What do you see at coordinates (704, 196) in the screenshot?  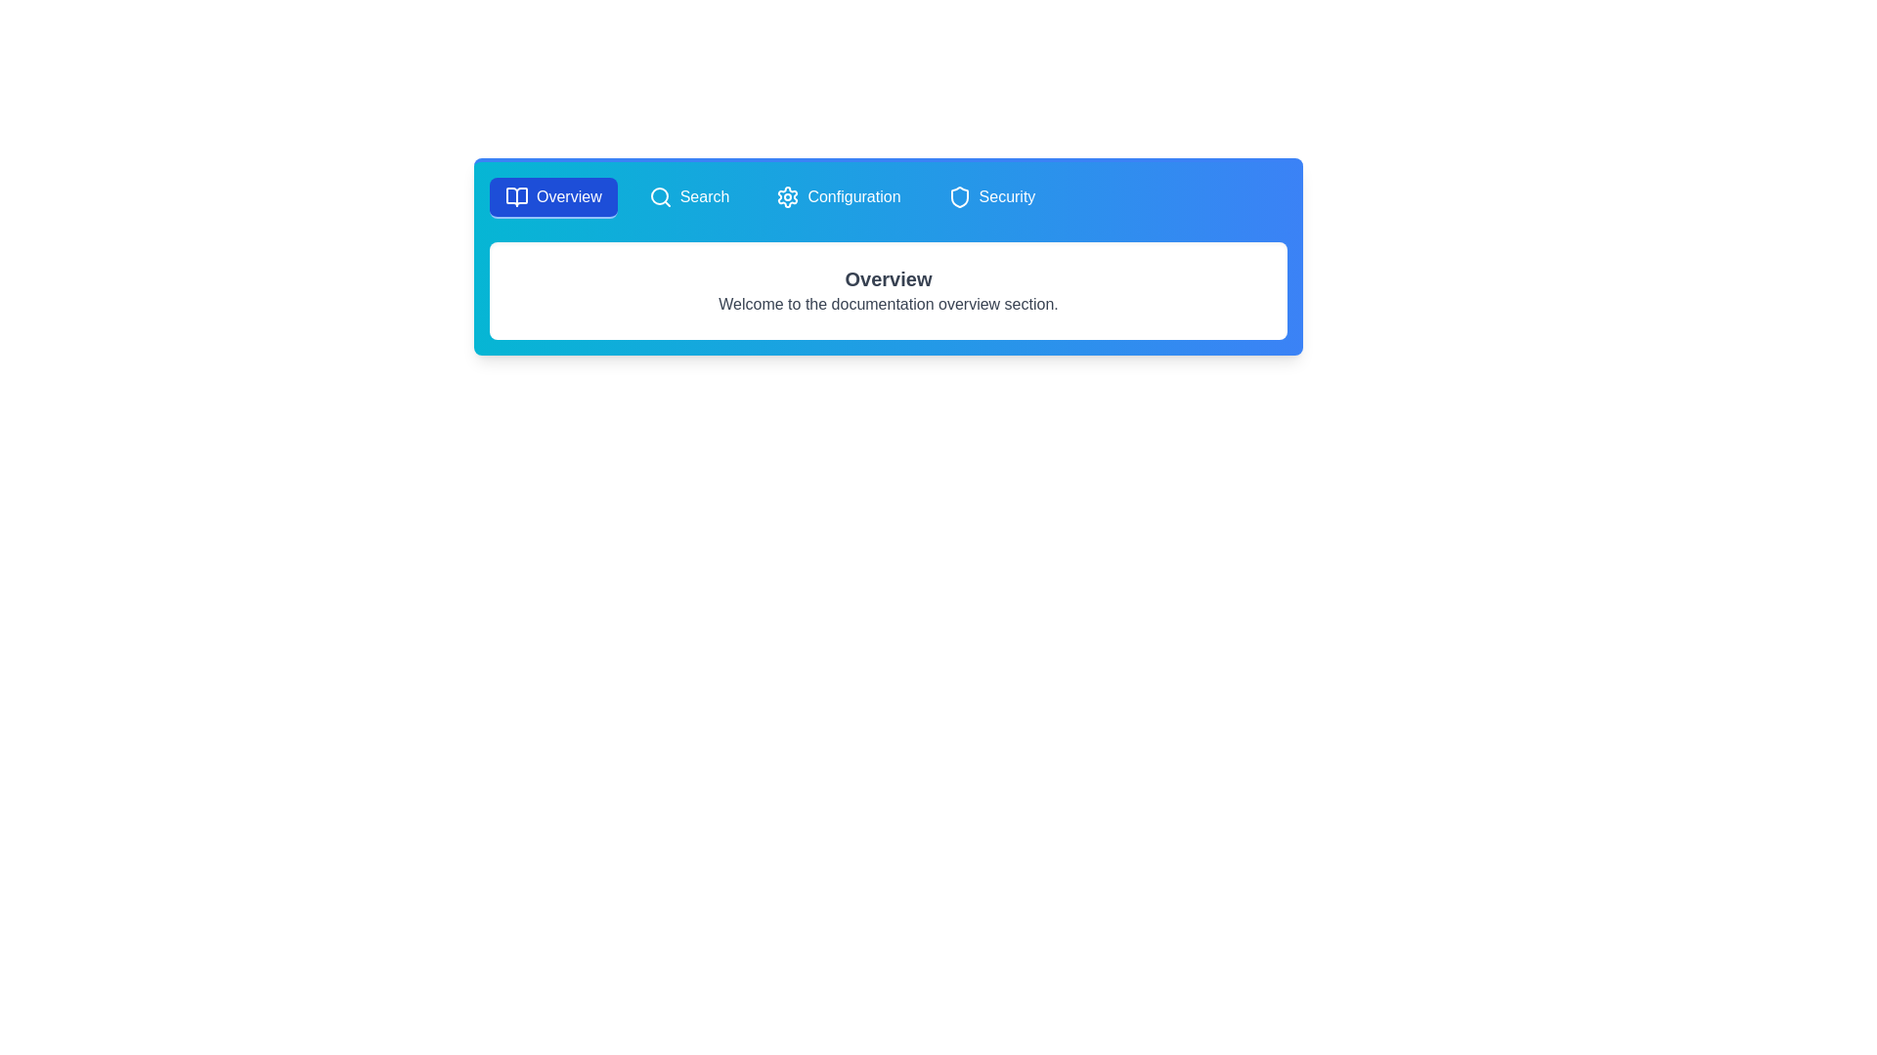 I see `the 'Search' text label located in the navigation menu, which serves as a visual indicator for the search functionality` at bounding box center [704, 196].